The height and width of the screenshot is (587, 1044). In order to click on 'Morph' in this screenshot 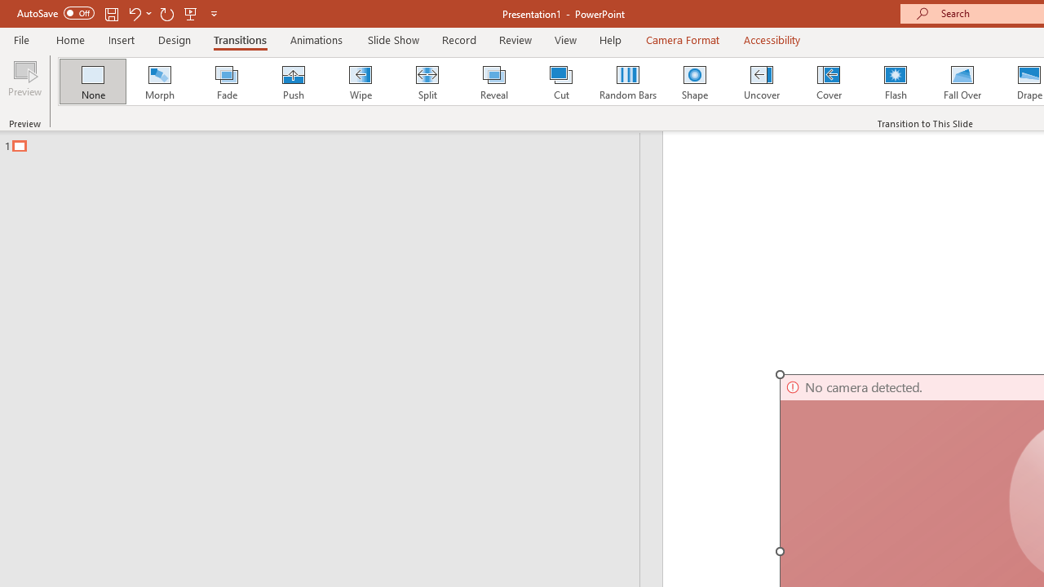, I will do `click(159, 82)`.